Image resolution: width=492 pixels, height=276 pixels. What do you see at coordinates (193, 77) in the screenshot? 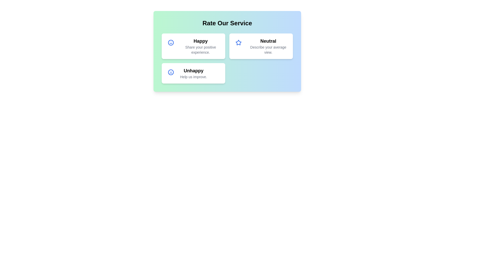
I see `the description text of the Unhappy card` at bounding box center [193, 77].